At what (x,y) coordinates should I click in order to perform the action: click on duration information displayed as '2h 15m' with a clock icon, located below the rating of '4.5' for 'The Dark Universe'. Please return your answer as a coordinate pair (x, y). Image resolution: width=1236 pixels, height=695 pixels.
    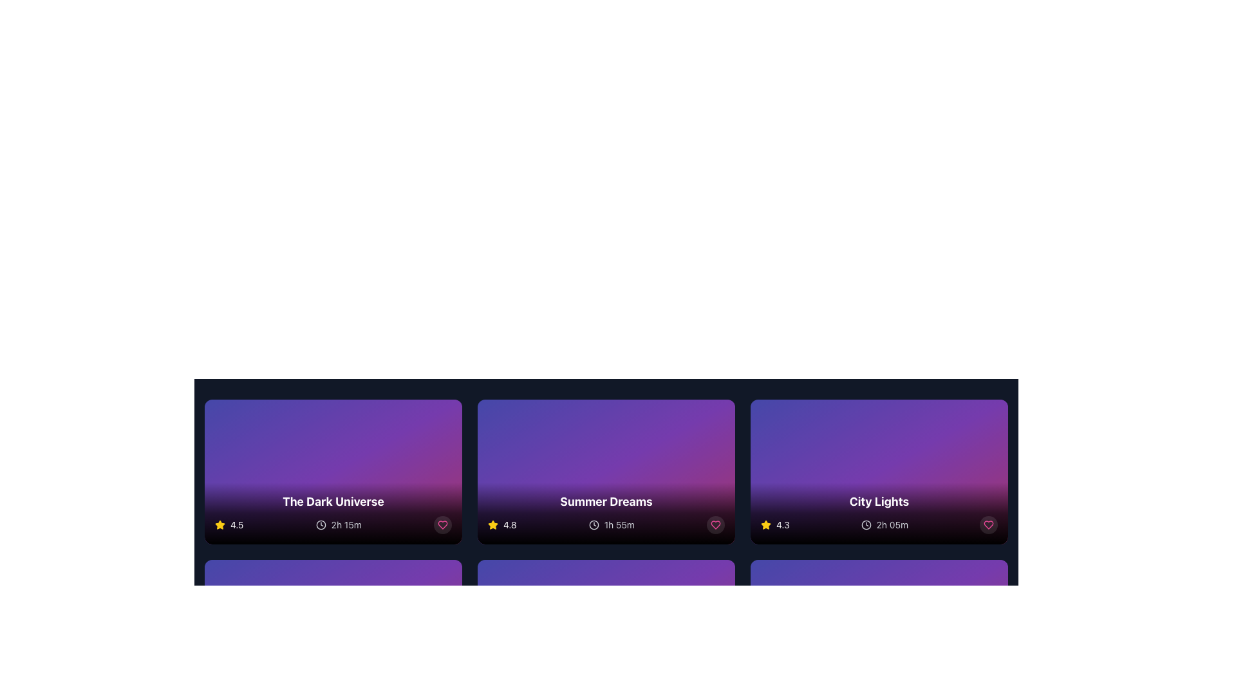
    Looking at the image, I should click on (339, 525).